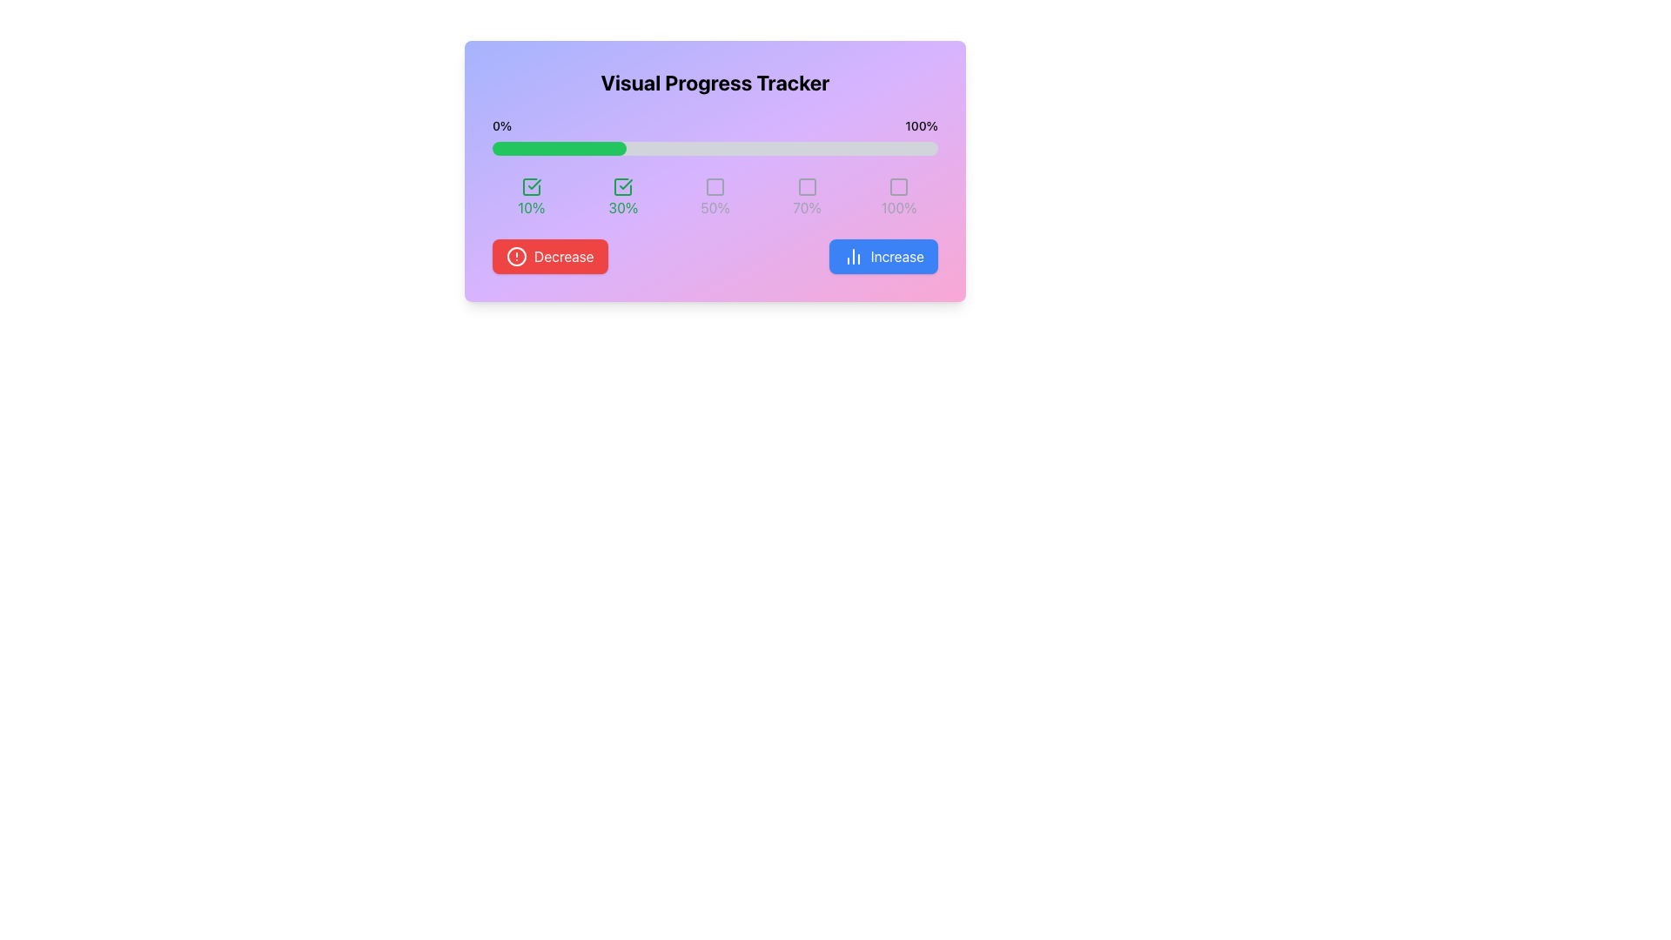  What do you see at coordinates (626, 147) in the screenshot?
I see `the progress level` at bounding box center [626, 147].